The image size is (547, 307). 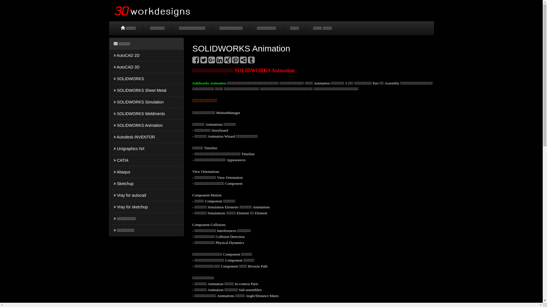 I want to click on 'Vray for autocad', so click(x=146, y=195).